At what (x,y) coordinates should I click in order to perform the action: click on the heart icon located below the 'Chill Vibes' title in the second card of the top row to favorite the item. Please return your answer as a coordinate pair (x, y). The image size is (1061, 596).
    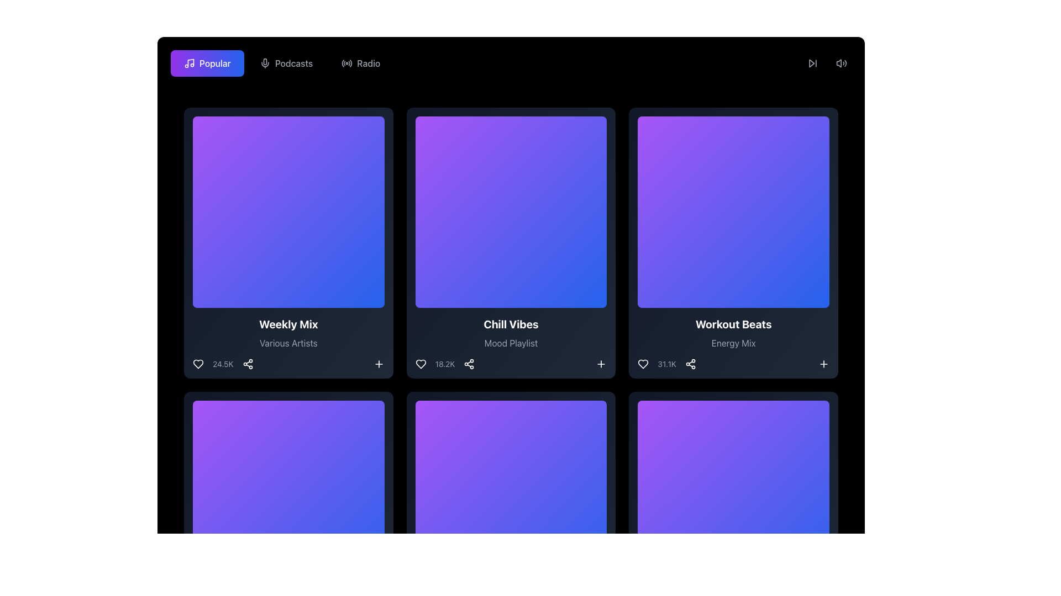
    Looking at the image, I should click on (420, 364).